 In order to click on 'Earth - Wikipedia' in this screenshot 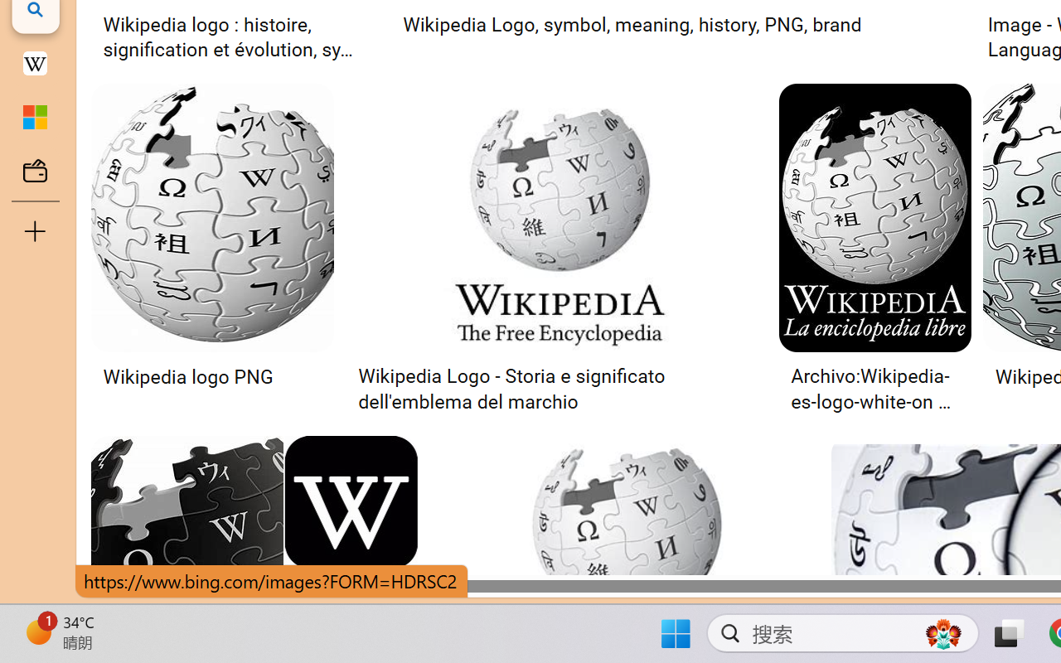, I will do `click(35, 63)`.